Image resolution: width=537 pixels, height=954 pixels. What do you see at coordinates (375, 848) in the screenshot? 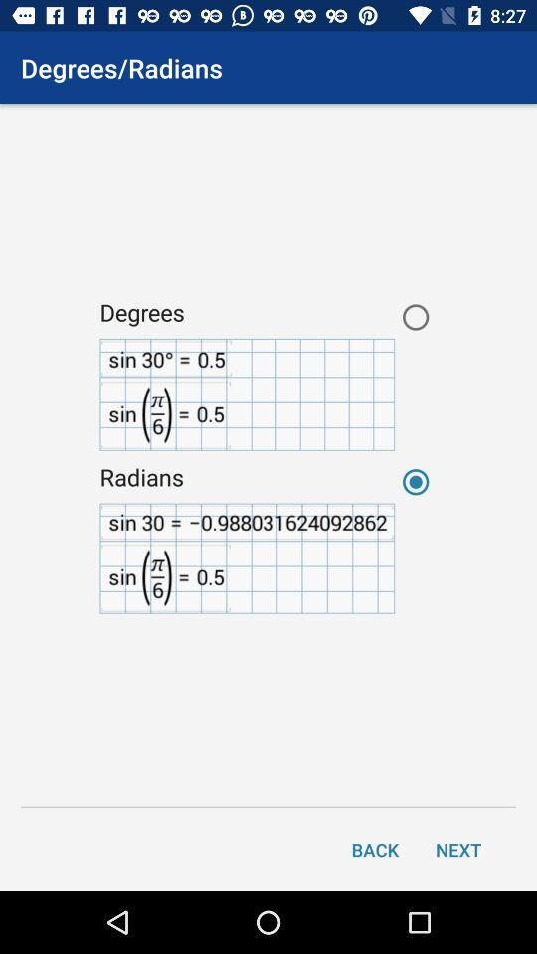
I see `the icon next to the next` at bounding box center [375, 848].